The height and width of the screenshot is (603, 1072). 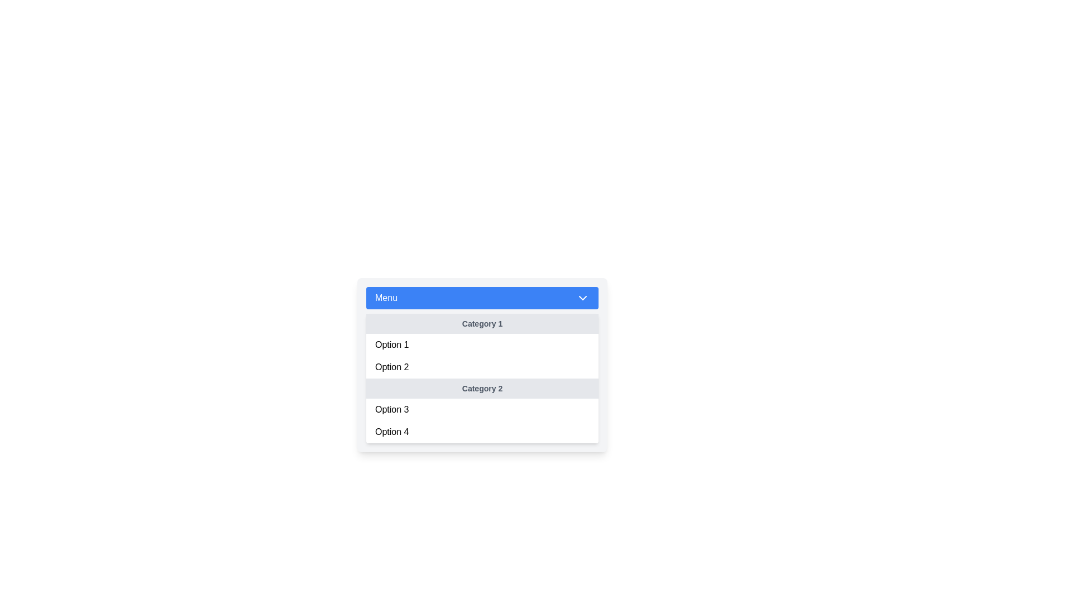 I want to click on the interactive menu option button located as the second option under 'Category 1' in the dropdown list, so click(x=482, y=367).